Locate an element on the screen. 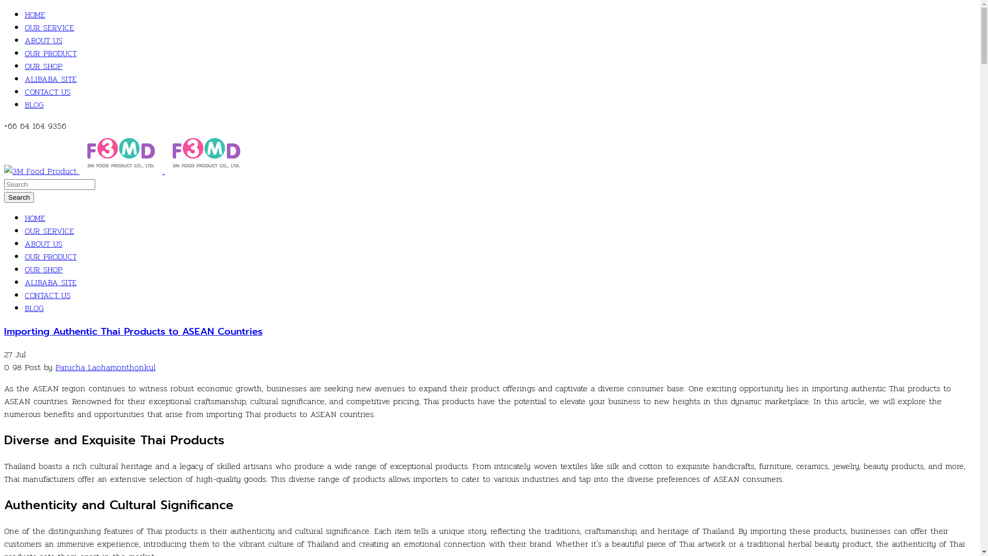 This screenshot has width=988, height=556. 'OUR SERVICE' is located at coordinates (25, 230).